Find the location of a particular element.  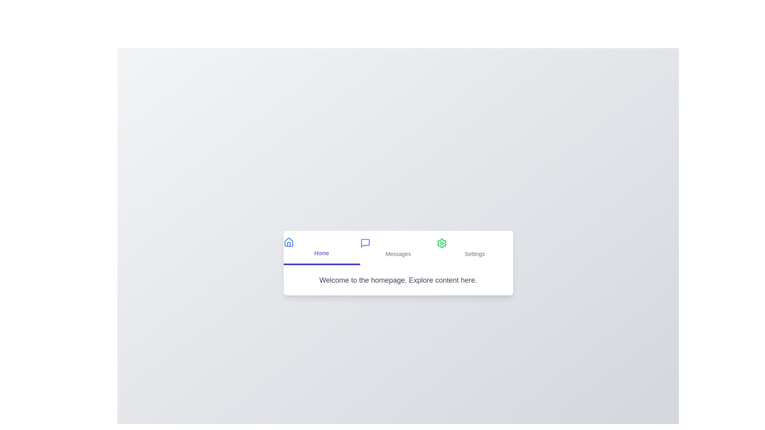

the tab Messages is located at coordinates (398, 248).